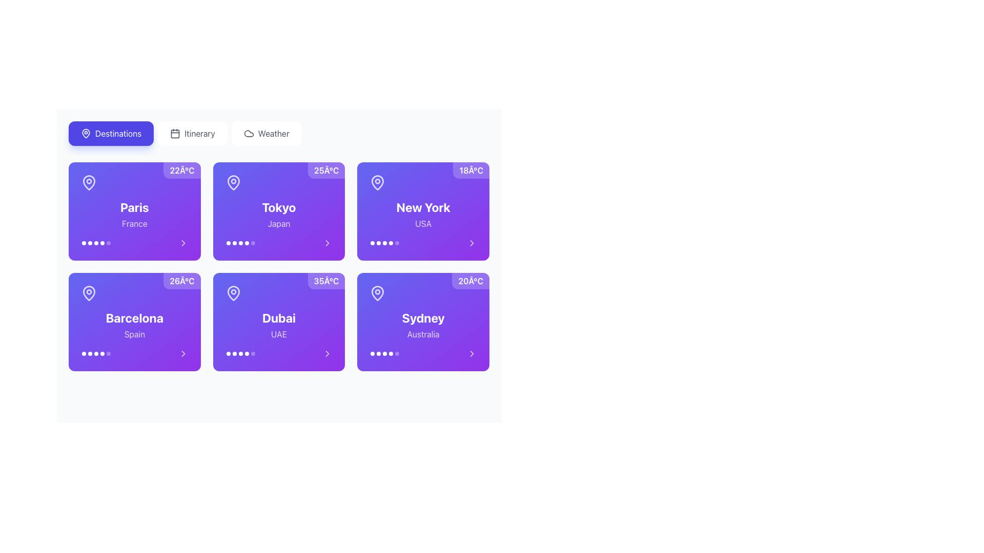  Describe the element at coordinates (470, 169) in the screenshot. I see `the text label displaying '18Â°C' in white font and bold style, located at the top-right corner of the 'New York, USA' card` at that location.